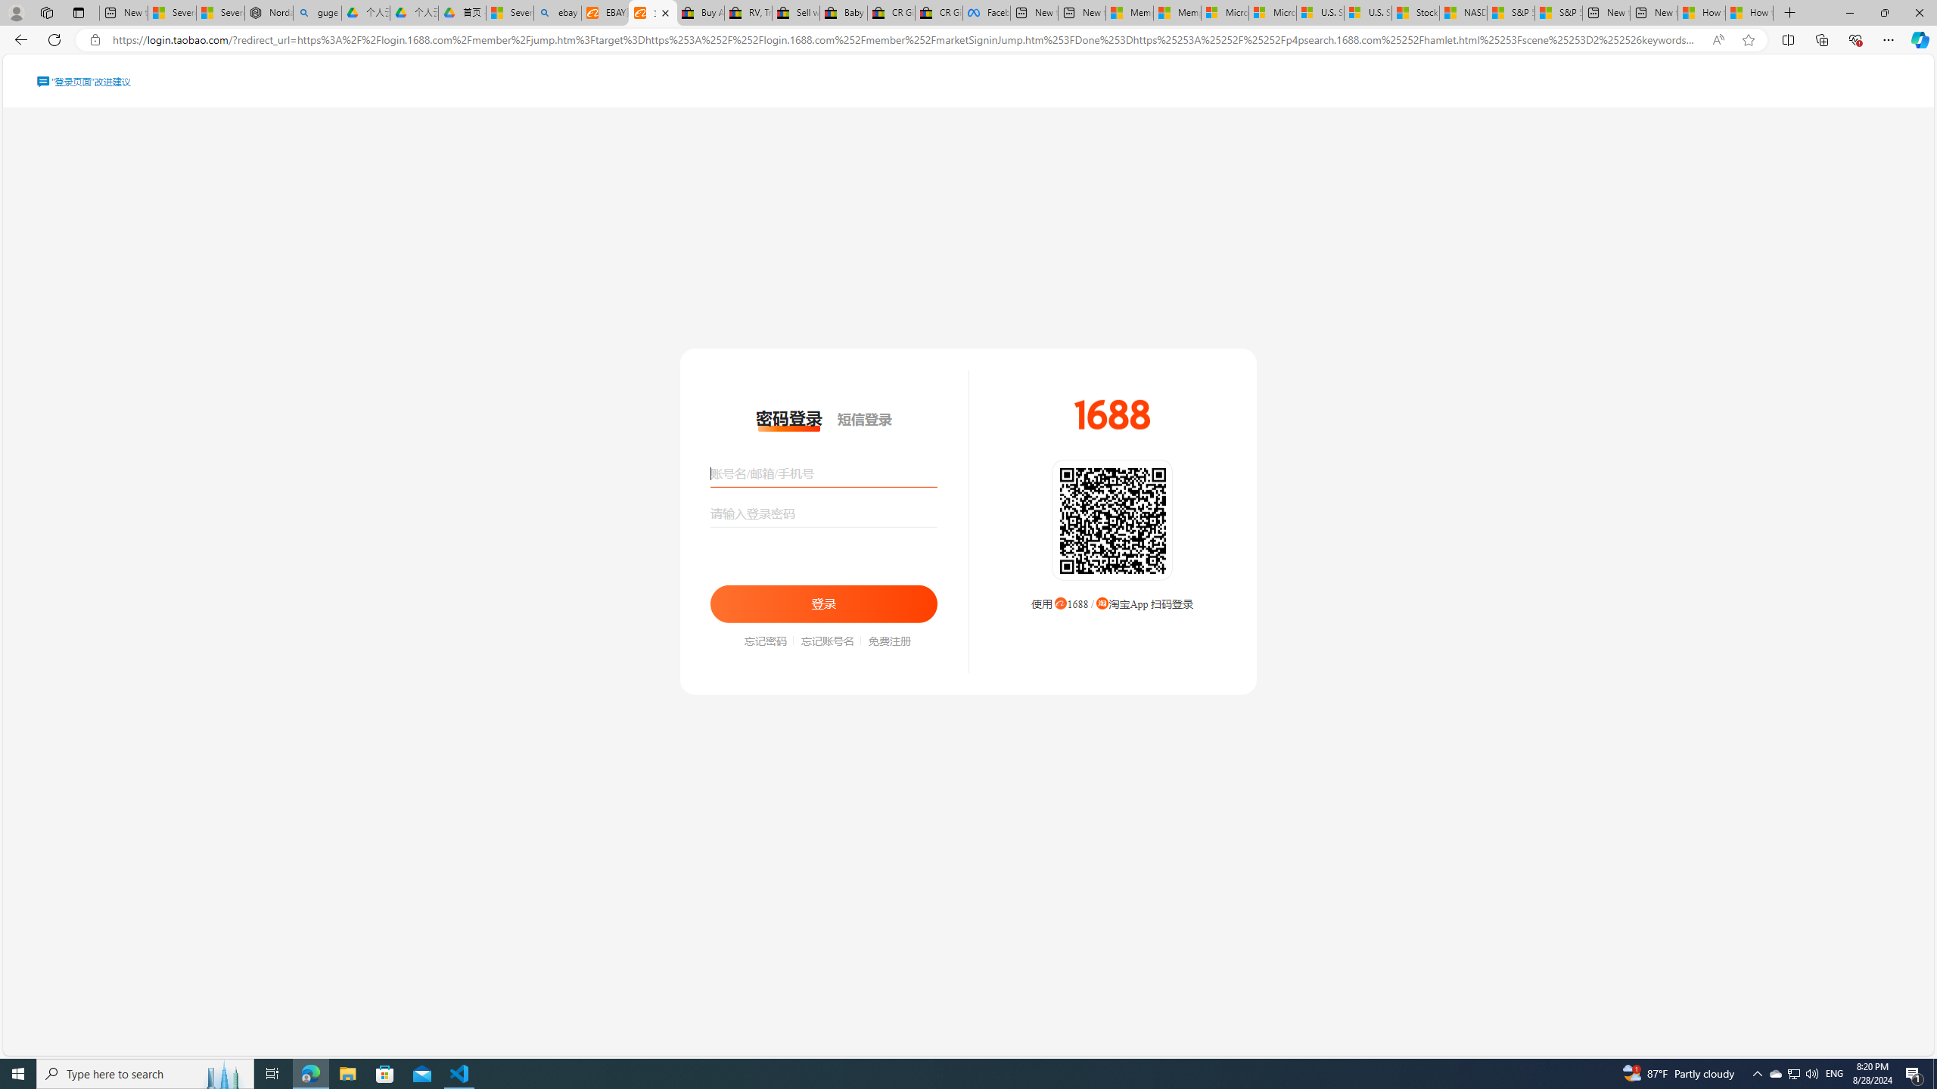  Describe the element at coordinates (15, 12) in the screenshot. I see `'Personal Profile'` at that location.